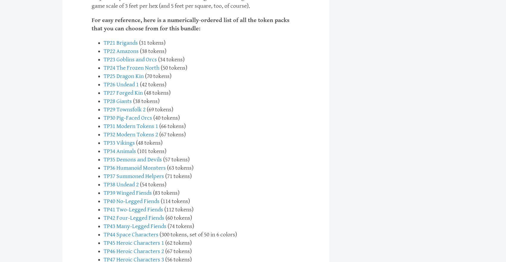 This screenshot has width=506, height=262. Describe the element at coordinates (198, 235) in the screenshot. I see `'(300 tokens, set of 50 in 6 colors)'` at that location.